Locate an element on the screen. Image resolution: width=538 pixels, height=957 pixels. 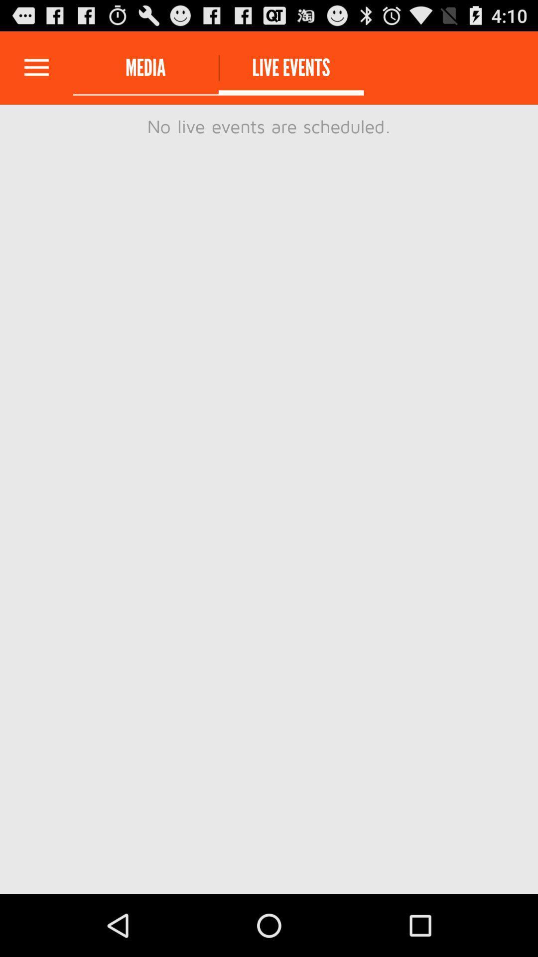
expand menu options is located at coordinates (36, 67).